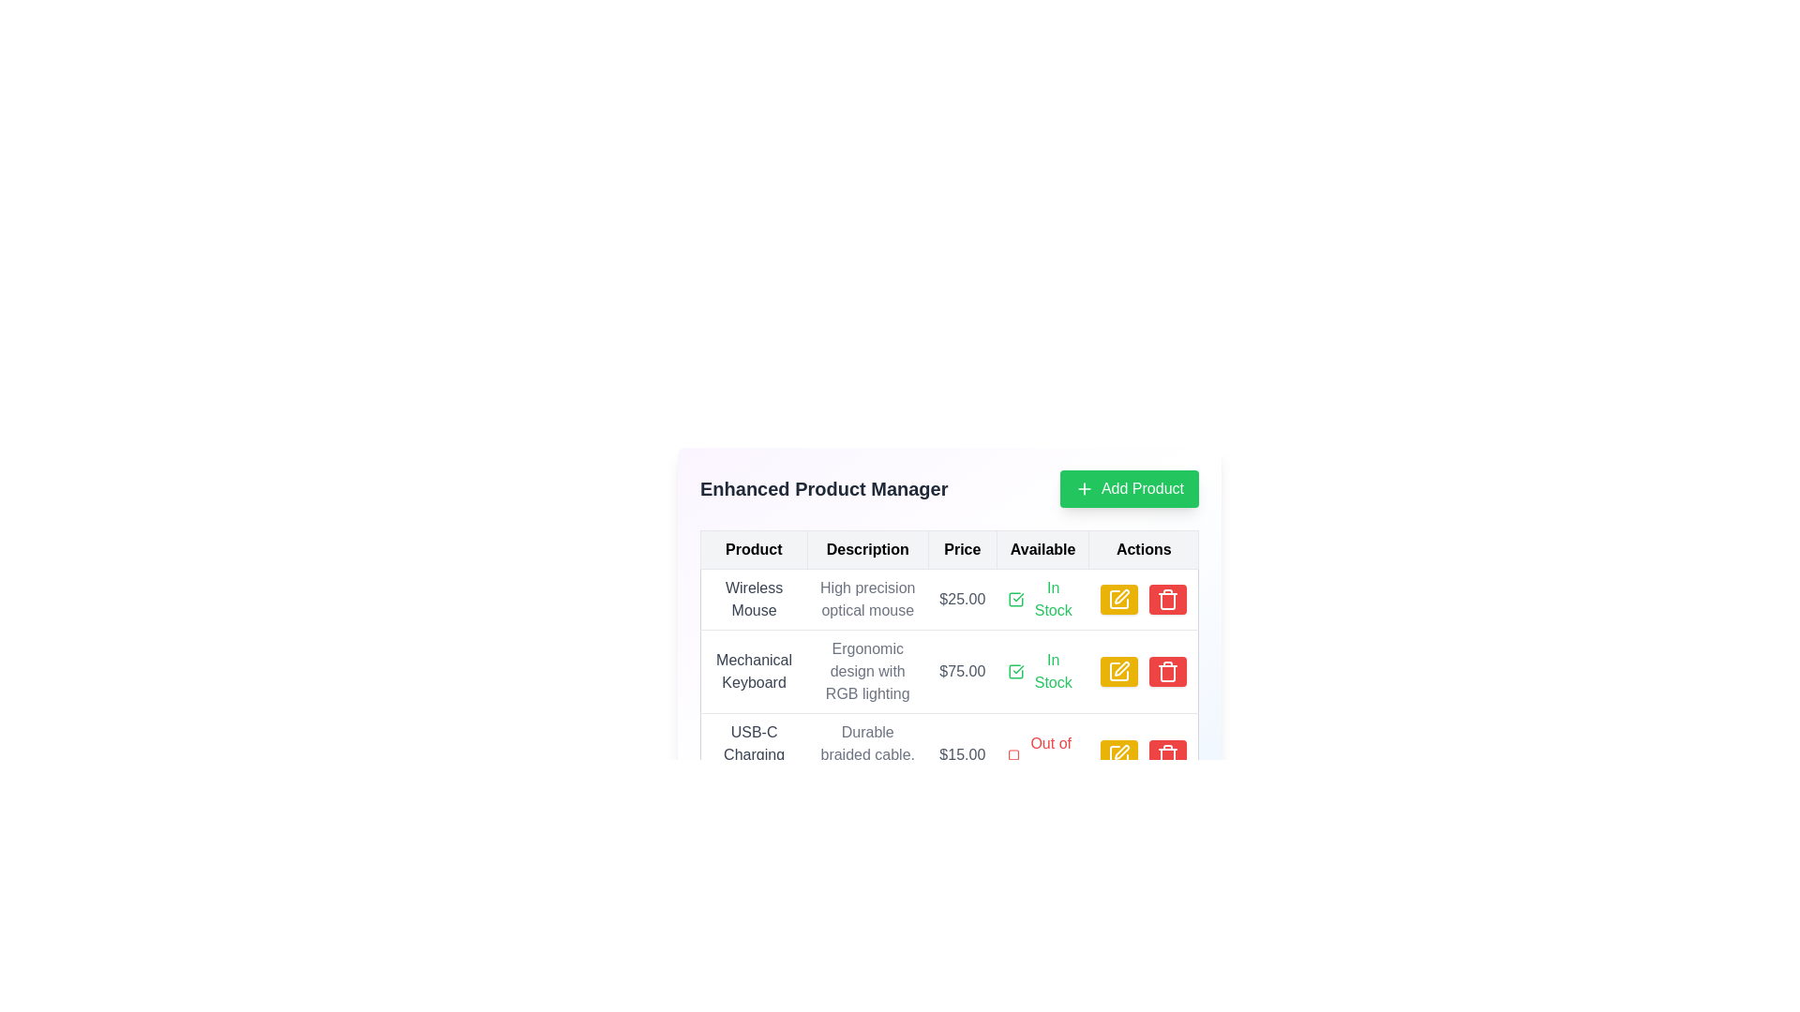 The width and height of the screenshot is (1800, 1012). I want to click on the 'In Stock' text label with a check icon in the 'Available' column of the product inventory table for the 'Wireless Mouse' product, so click(1042, 600).